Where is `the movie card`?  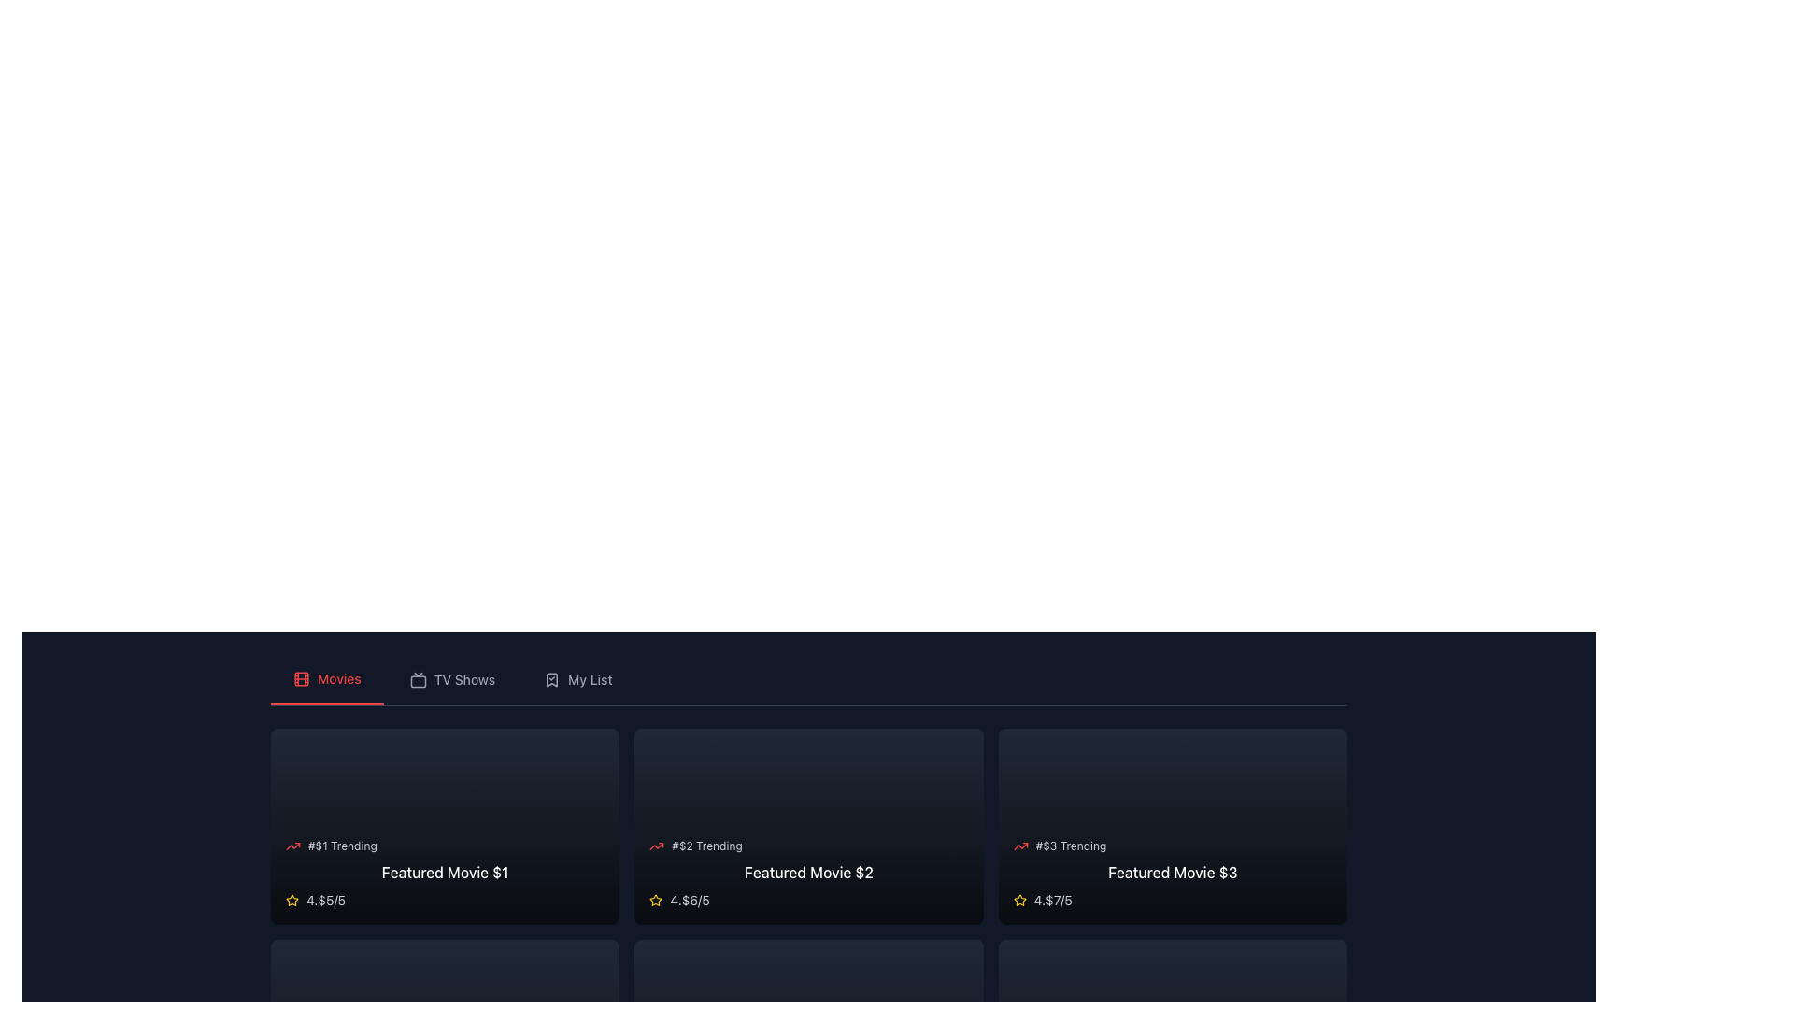
the movie card is located at coordinates (808, 825).